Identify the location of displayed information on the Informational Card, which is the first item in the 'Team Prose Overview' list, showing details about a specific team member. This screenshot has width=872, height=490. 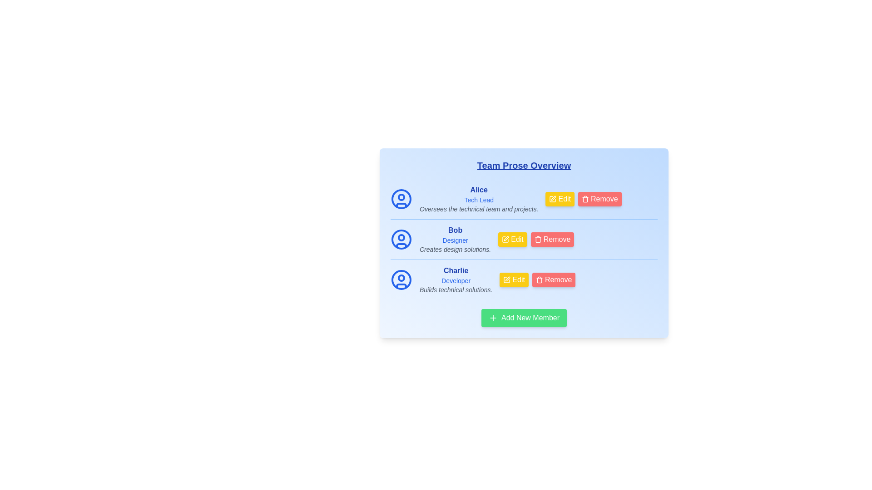
(478, 199).